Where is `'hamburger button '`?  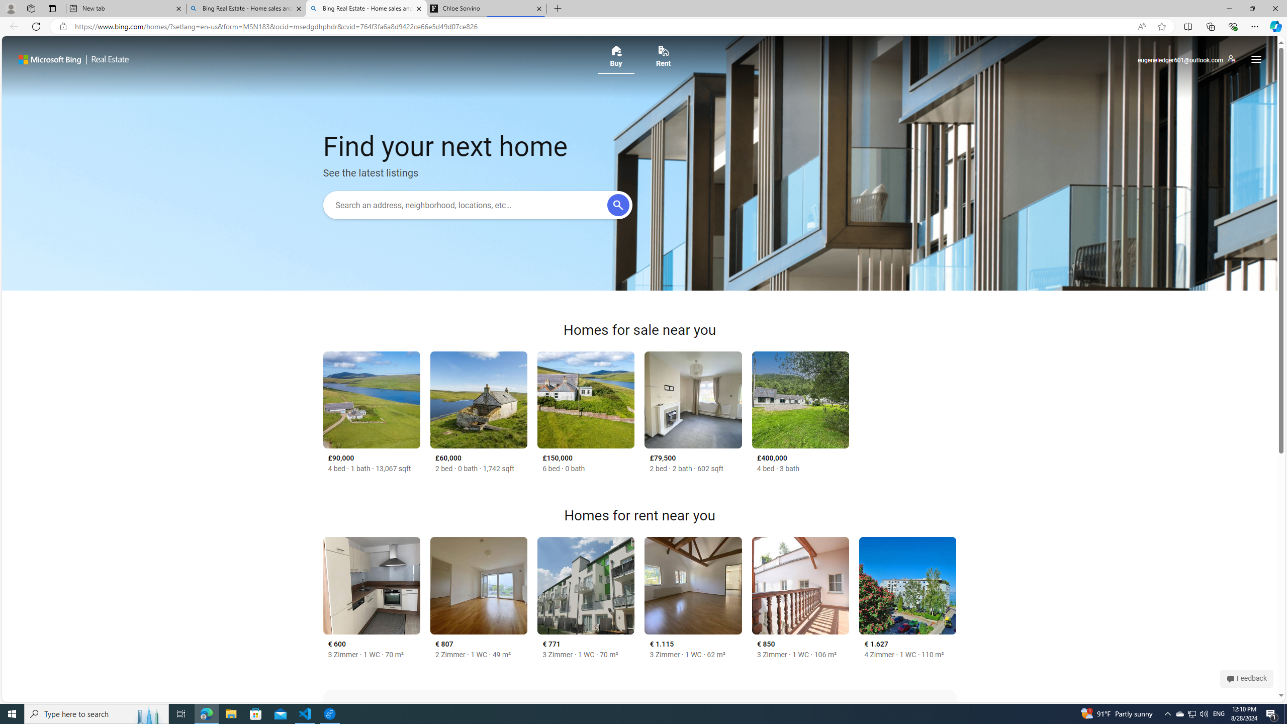
'hamburger button ' is located at coordinates (1255, 59).